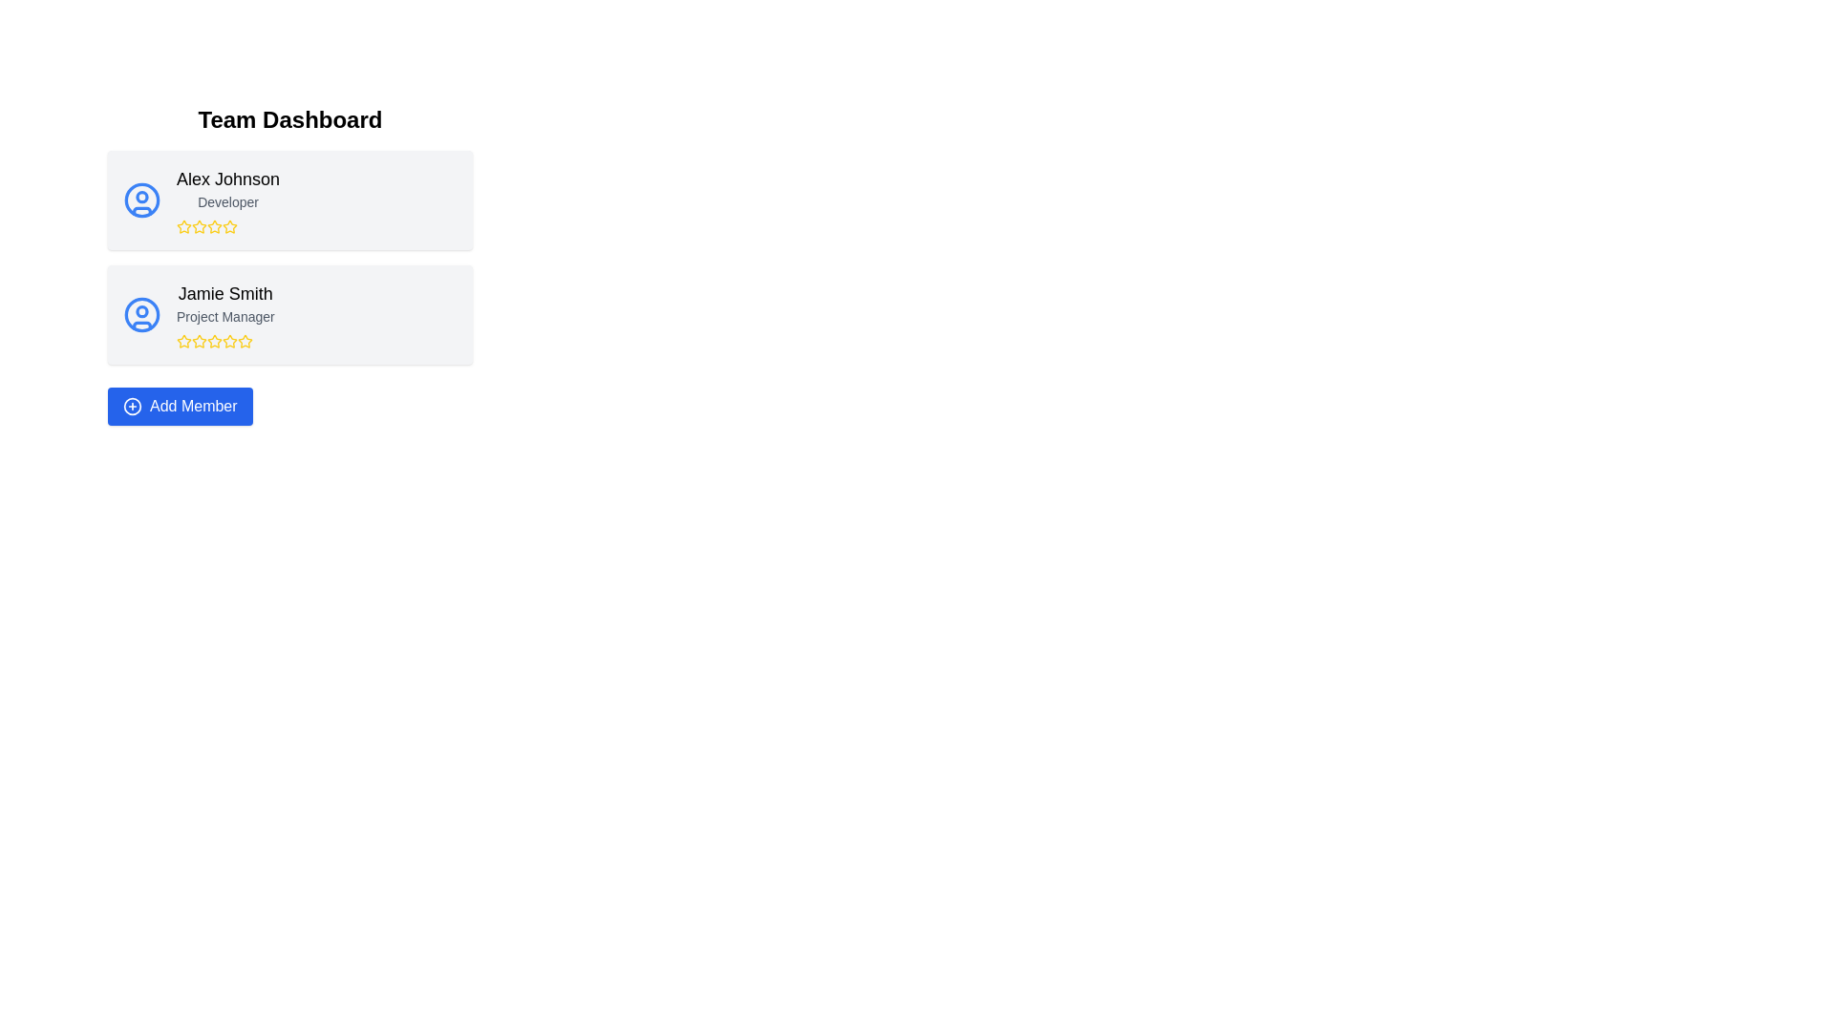  Describe the element at coordinates (228, 202) in the screenshot. I see `the text label displaying 'Developer' which is located below the name 'Alex Johnson' in a small gray font` at that location.